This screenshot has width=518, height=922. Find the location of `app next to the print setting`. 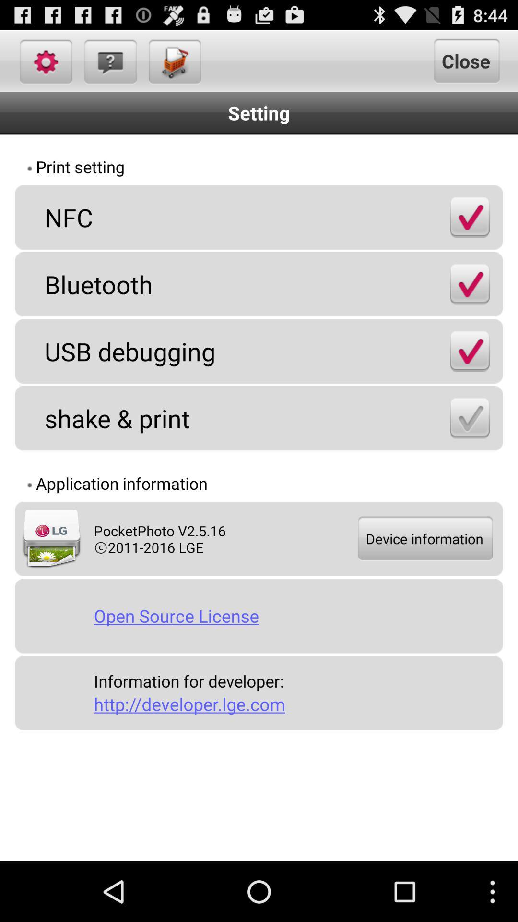

app next to the print setting is located at coordinates (440, 168).